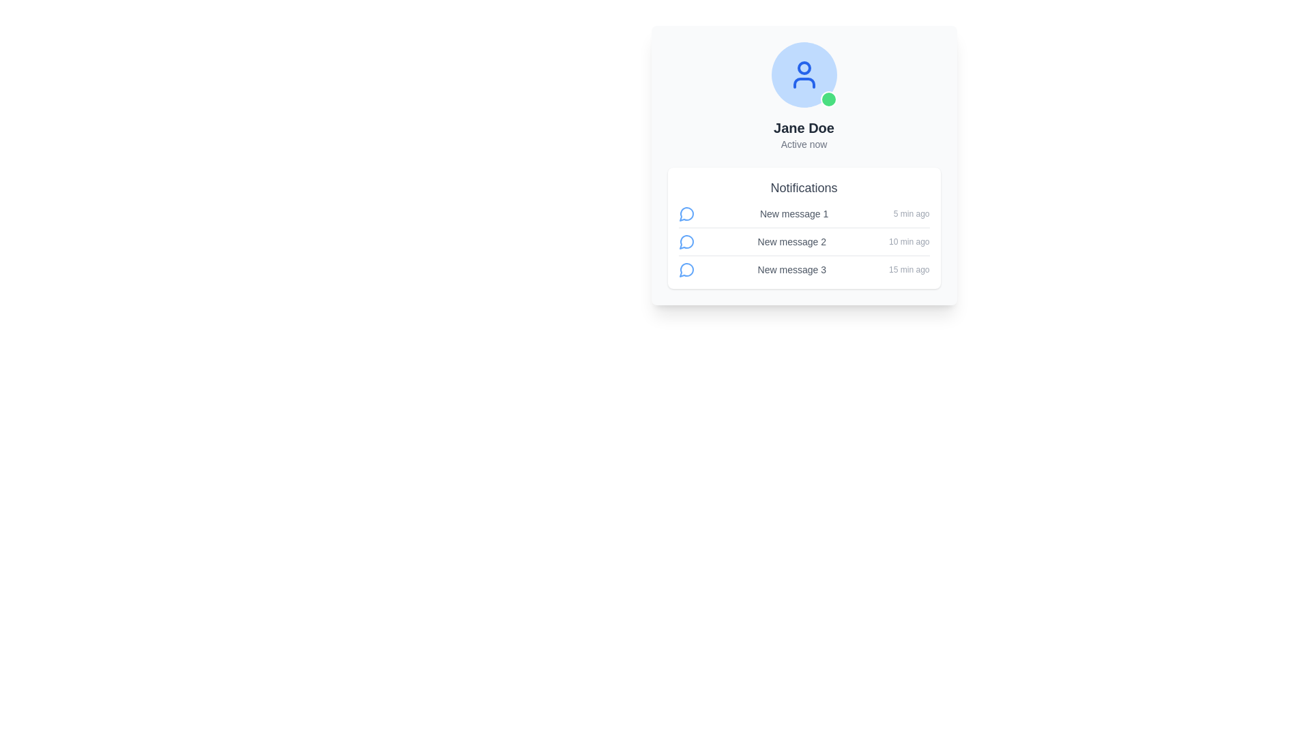  Describe the element at coordinates (686, 213) in the screenshot. I see `the message icon located in the first notification entry row of the 'Notifications' section in the card layout` at that location.